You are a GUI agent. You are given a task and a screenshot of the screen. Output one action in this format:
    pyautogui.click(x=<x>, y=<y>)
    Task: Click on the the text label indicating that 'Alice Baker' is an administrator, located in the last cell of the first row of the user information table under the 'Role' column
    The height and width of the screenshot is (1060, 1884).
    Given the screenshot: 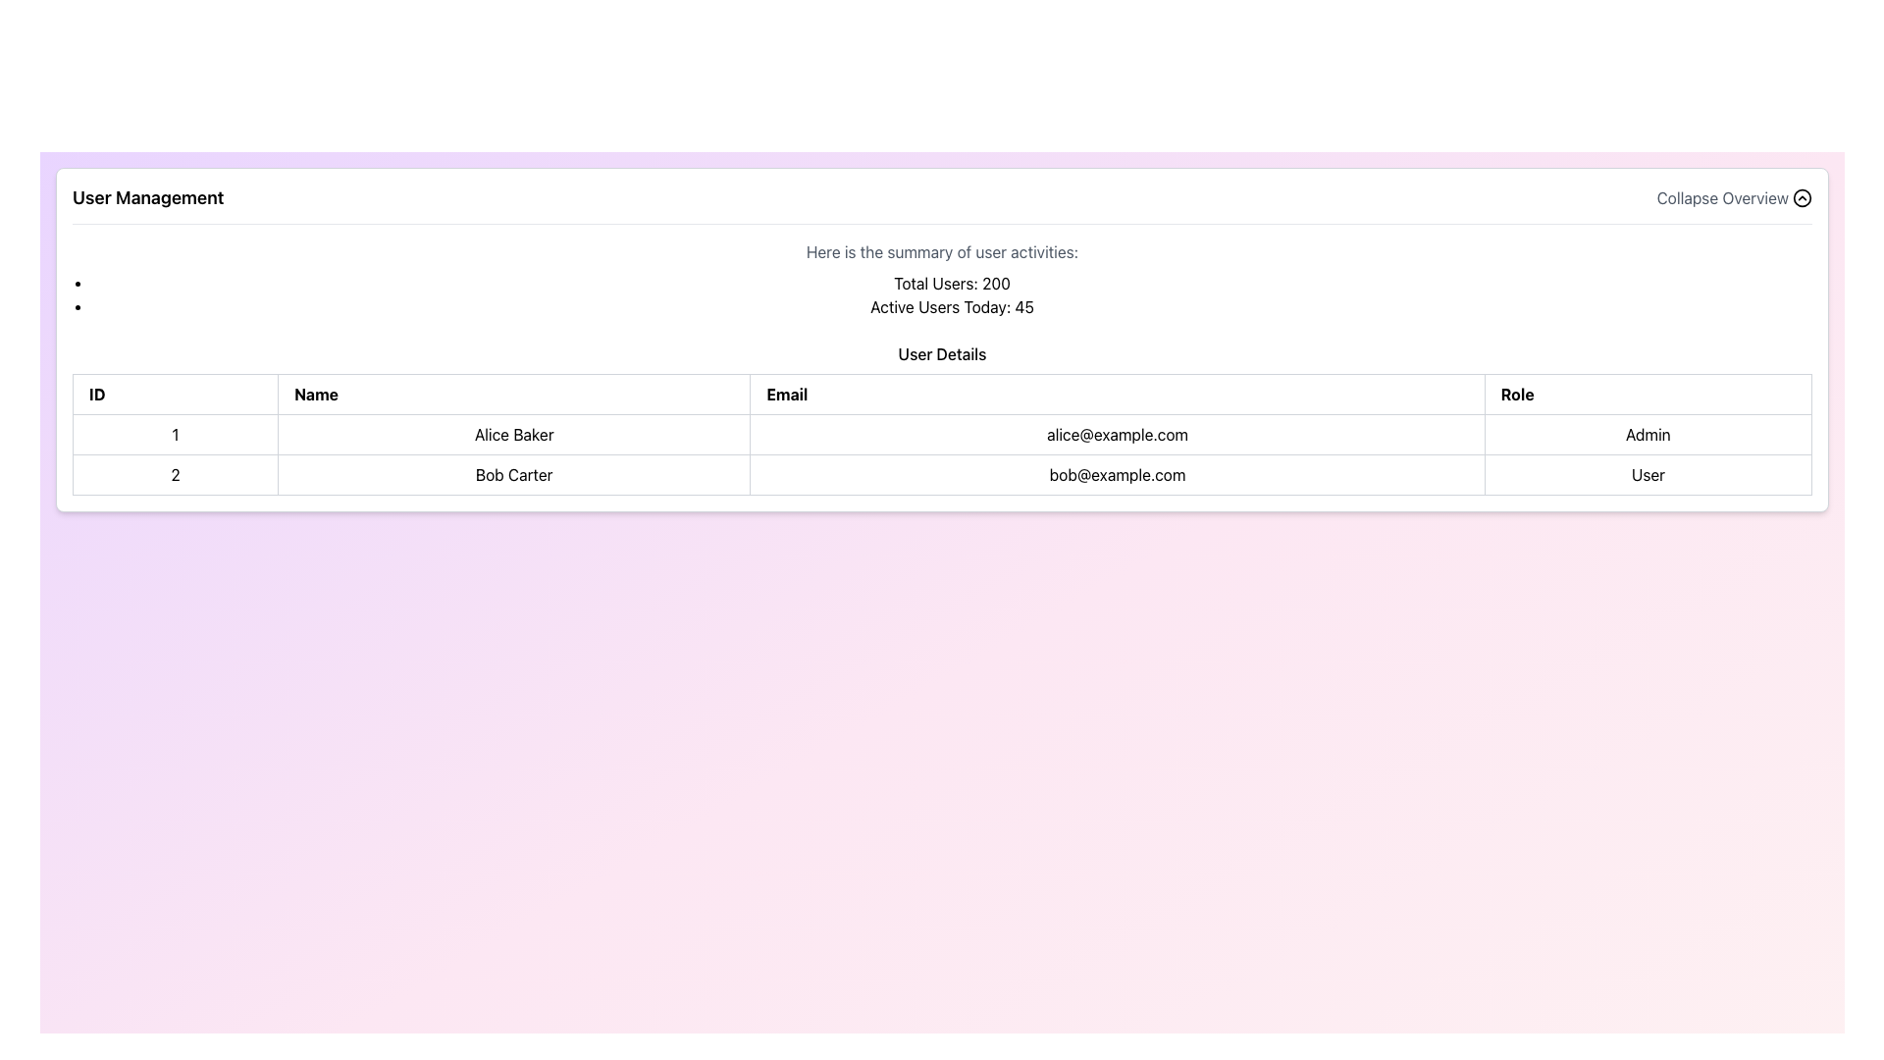 What is the action you would take?
    pyautogui.click(x=1648, y=434)
    